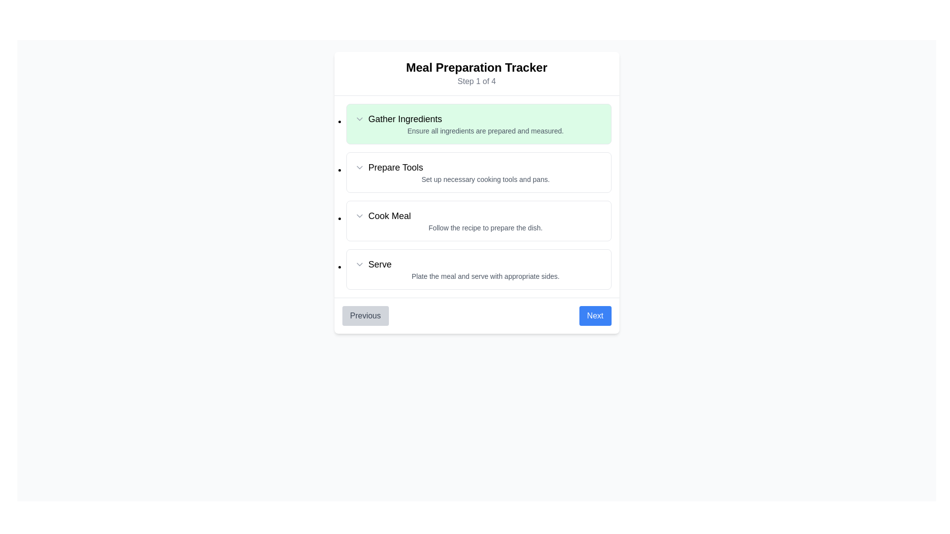  Describe the element at coordinates (395, 167) in the screenshot. I see `the 'Prepare Tools' text label, which is styled in a medium-weight sans-serif font and is positioned in the second step of a vertical stepper interface` at that location.